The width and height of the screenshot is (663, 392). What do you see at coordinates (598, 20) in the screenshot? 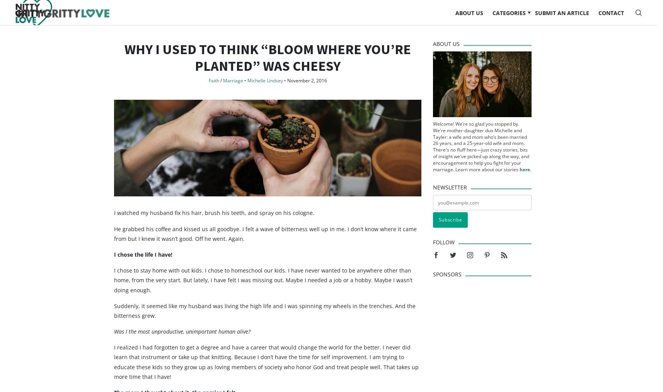
I see `'Contact'` at bounding box center [598, 20].